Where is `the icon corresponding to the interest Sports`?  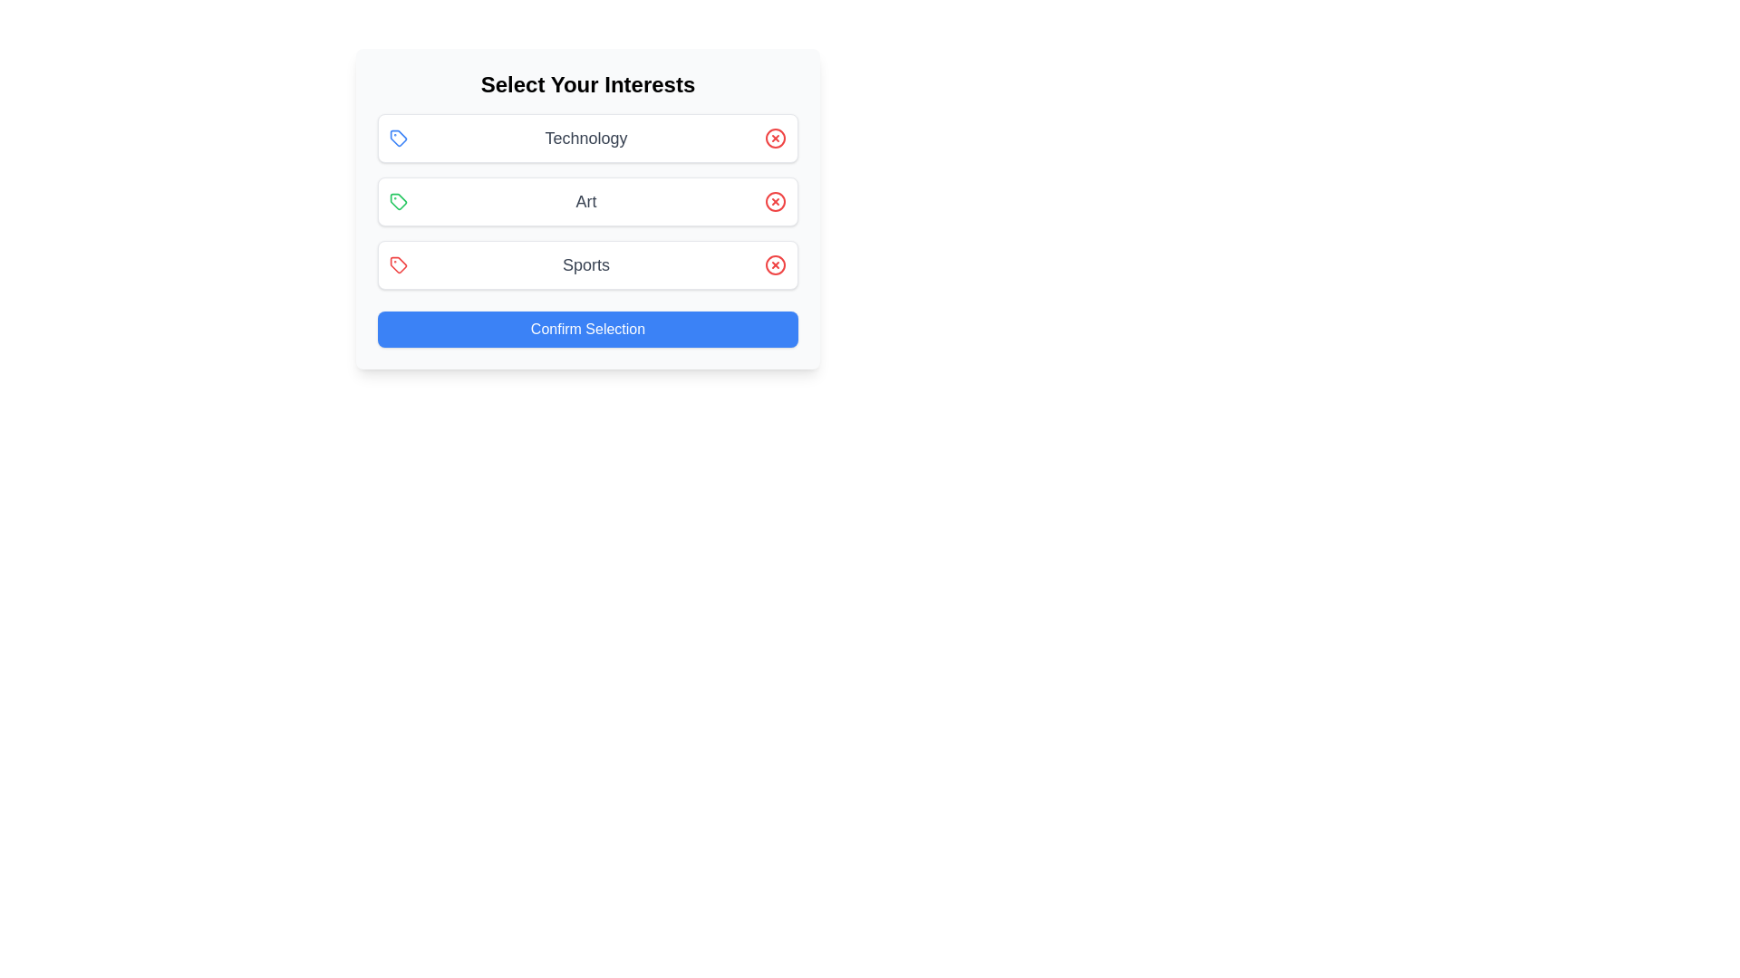
the icon corresponding to the interest Sports is located at coordinates (398, 265).